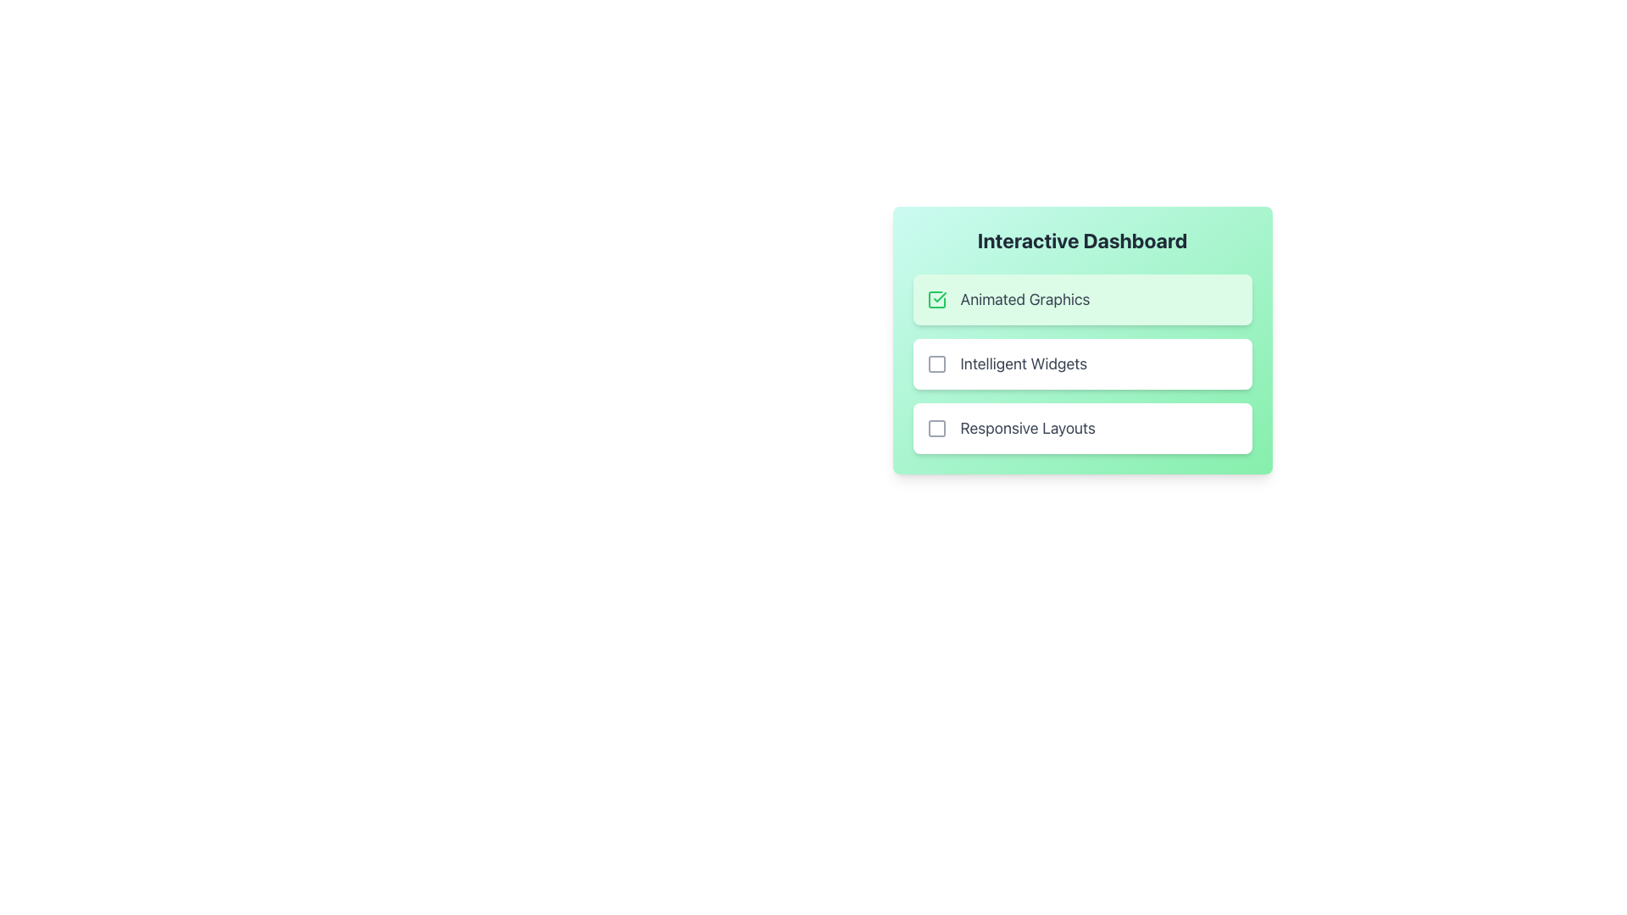 The height and width of the screenshot is (915, 1627). What do you see at coordinates (936, 363) in the screenshot?
I see `the SVG rectangle element that serves as a decorative or functional part of the icon for the 'Intelligent Widgets' list item, indicating selection status` at bounding box center [936, 363].